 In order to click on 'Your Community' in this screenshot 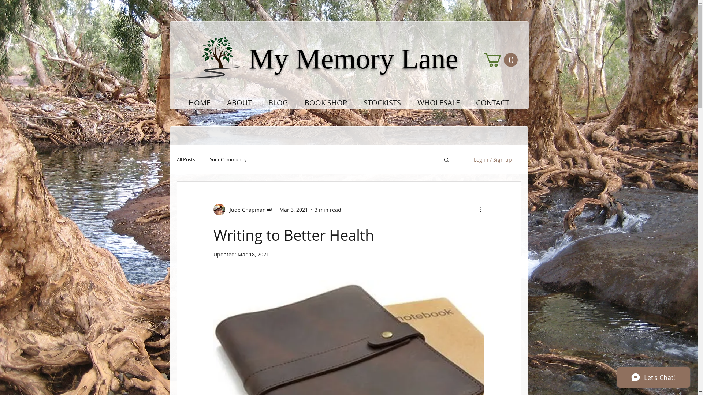, I will do `click(209, 159)`.